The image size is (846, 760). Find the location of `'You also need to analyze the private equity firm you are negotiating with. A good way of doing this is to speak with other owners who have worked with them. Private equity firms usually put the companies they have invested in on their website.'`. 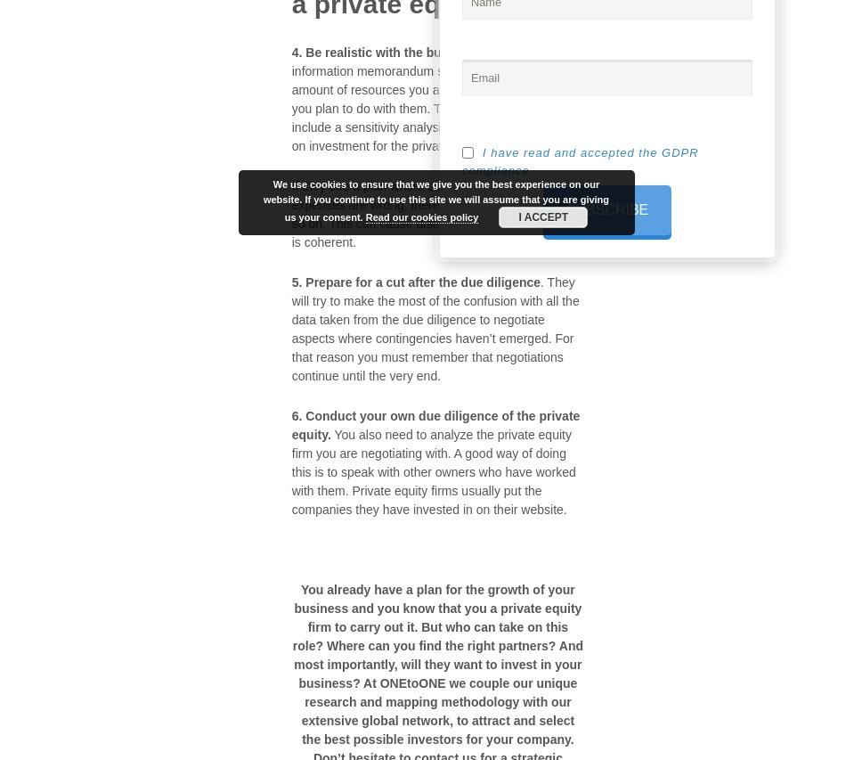

'You also need to analyze the private equity firm you are negotiating with. A good way of doing this is to speak with other owners who have worked with them. Private equity firms usually put the companies they have invested in on their website.' is located at coordinates (289, 470).